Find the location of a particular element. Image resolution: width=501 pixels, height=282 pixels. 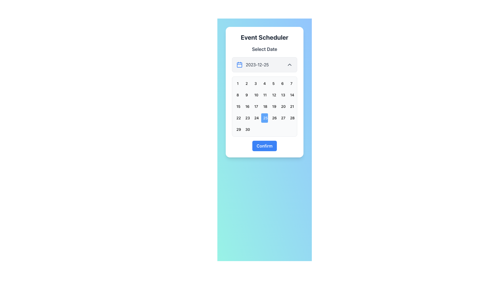

the static text label displaying the date '2023-12-25' in gray color, located in the modal labeled 'Select Date', next to the calendar icon is located at coordinates (257, 64).